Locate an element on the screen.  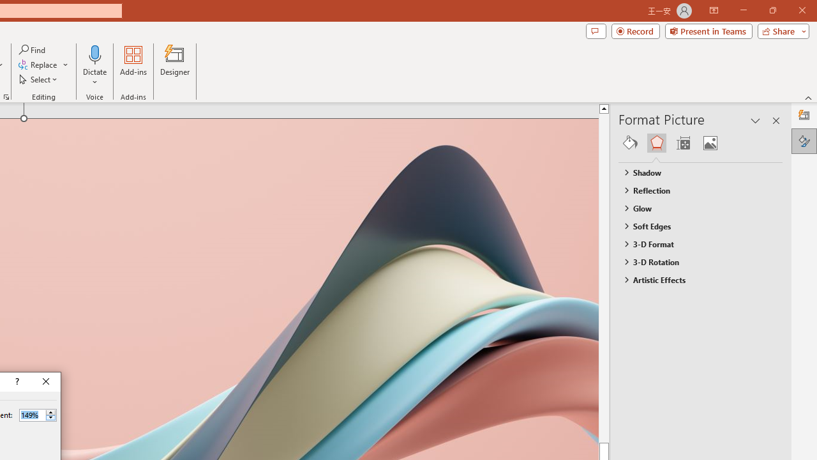
'Percent' is located at coordinates (38, 415).